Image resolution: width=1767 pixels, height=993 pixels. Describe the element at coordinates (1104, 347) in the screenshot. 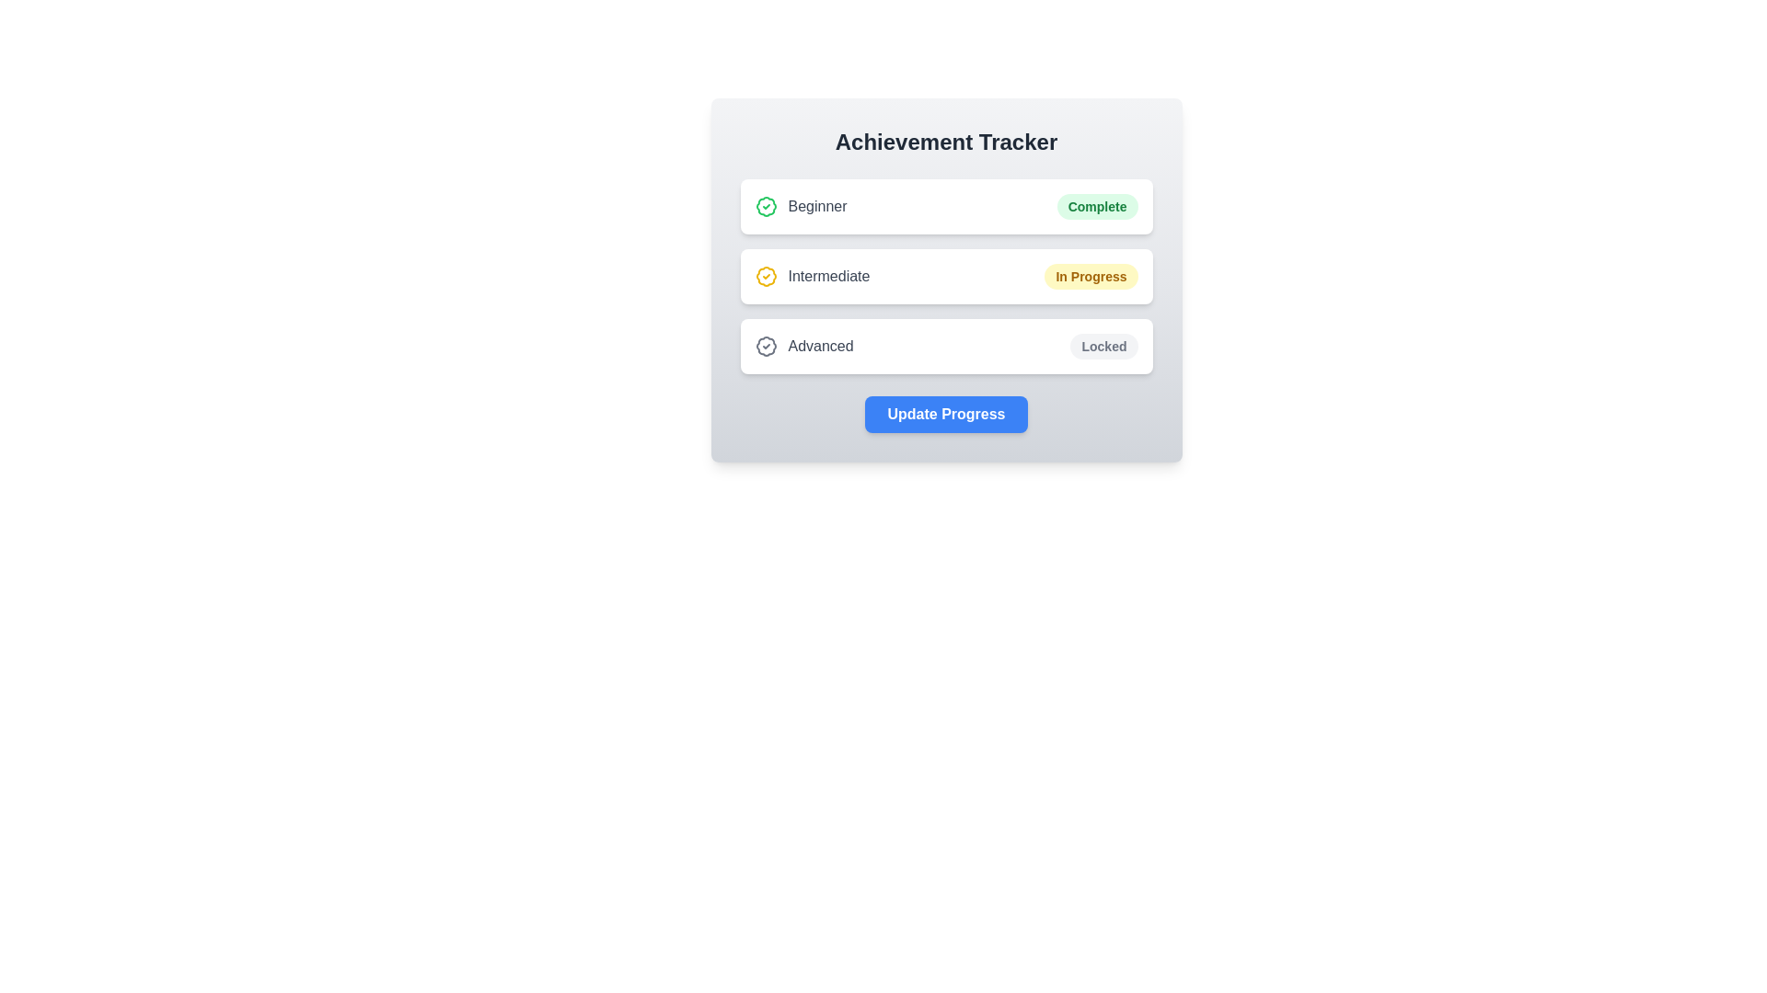

I see `the 'Locked' label element, which is a rounded rectangle with a light gray background and bold gray text, located on the rightmost side of the 'Achievement Tracker' interface indicating 'Advanced' status` at that location.